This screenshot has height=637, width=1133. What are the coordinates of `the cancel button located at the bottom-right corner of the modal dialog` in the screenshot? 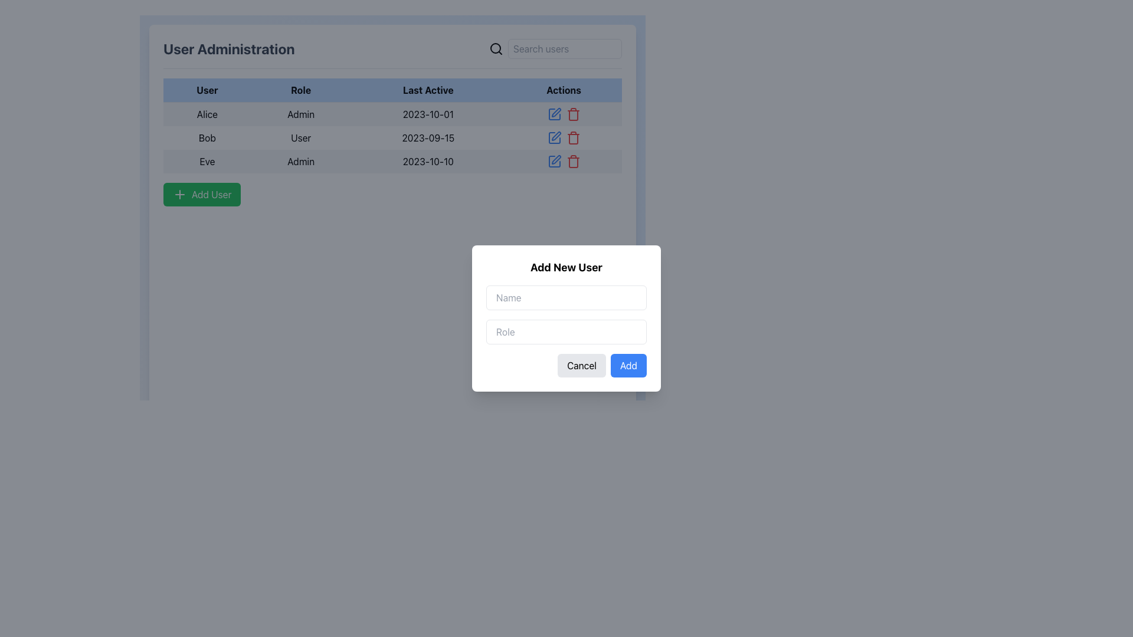 It's located at (582, 365).